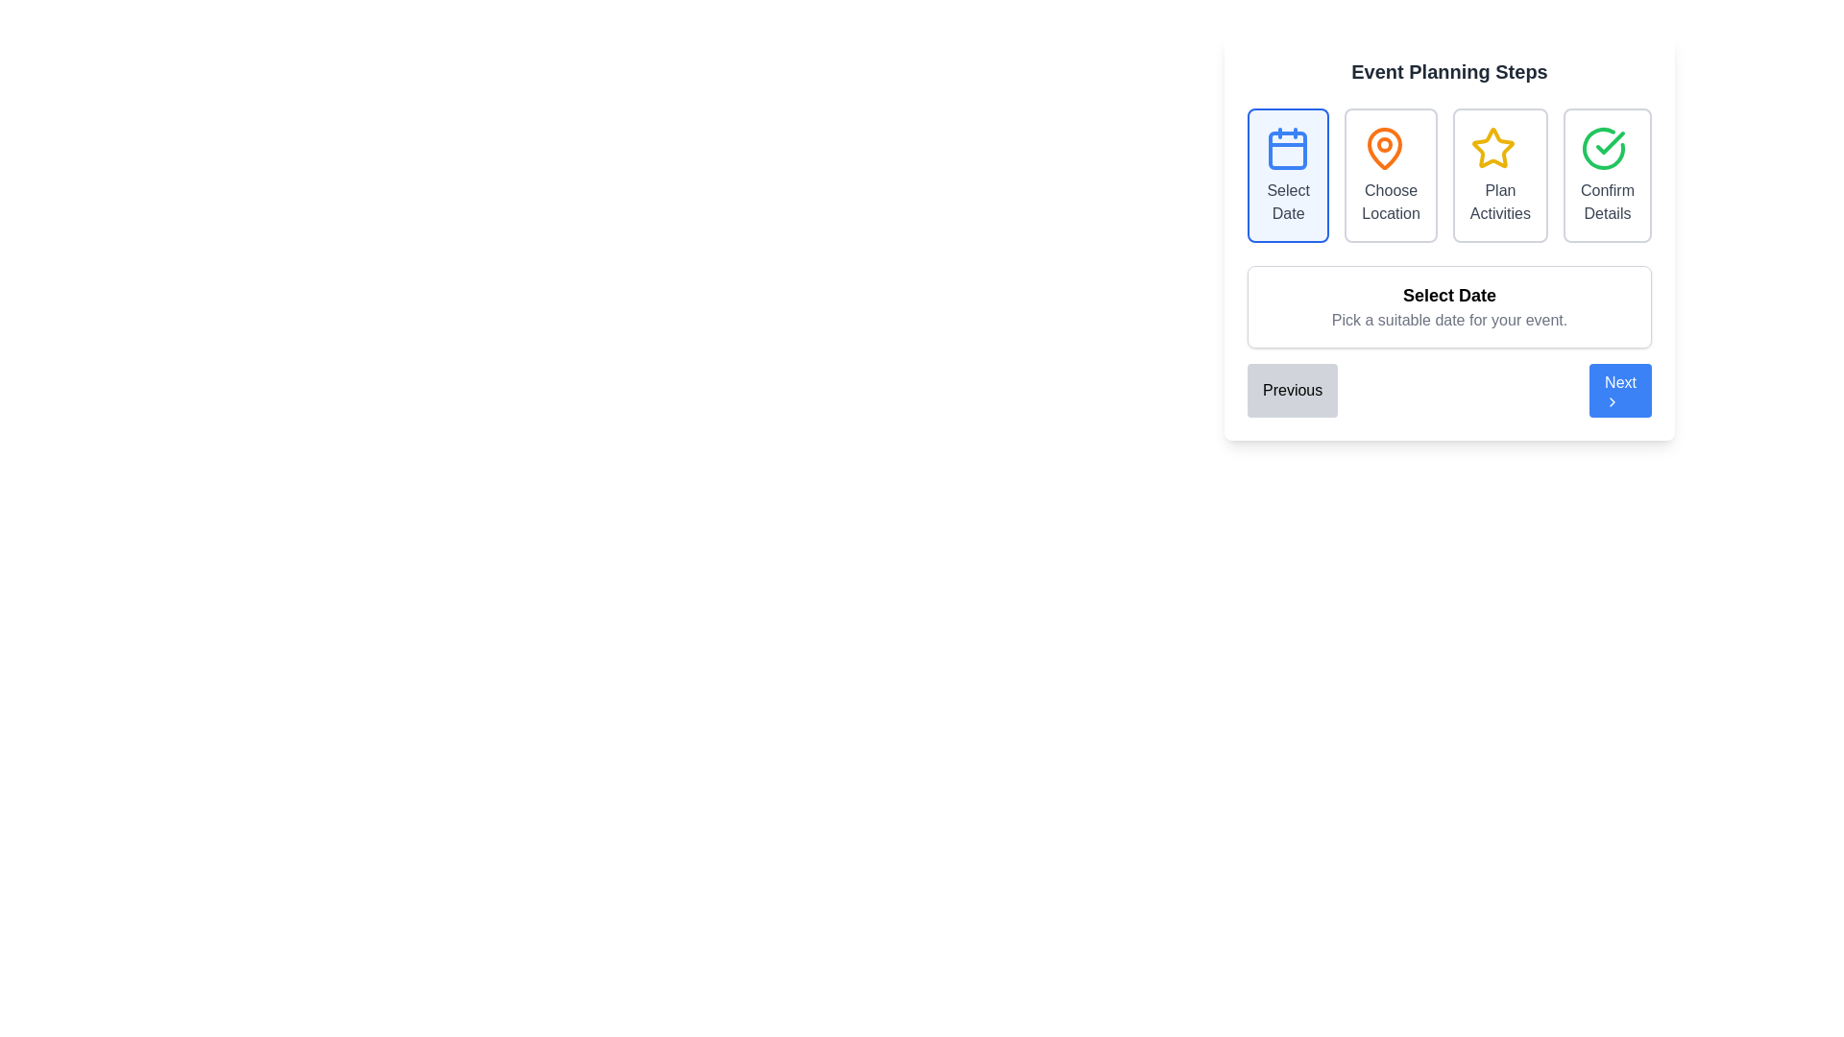 The width and height of the screenshot is (1844, 1037). What do you see at coordinates (1608, 147) in the screenshot?
I see `the visual indicator icon that signifies the 'Confirm Details' step is selected or completed in the event planning process, located above the 'Confirm Details' text` at bounding box center [1608, 147].